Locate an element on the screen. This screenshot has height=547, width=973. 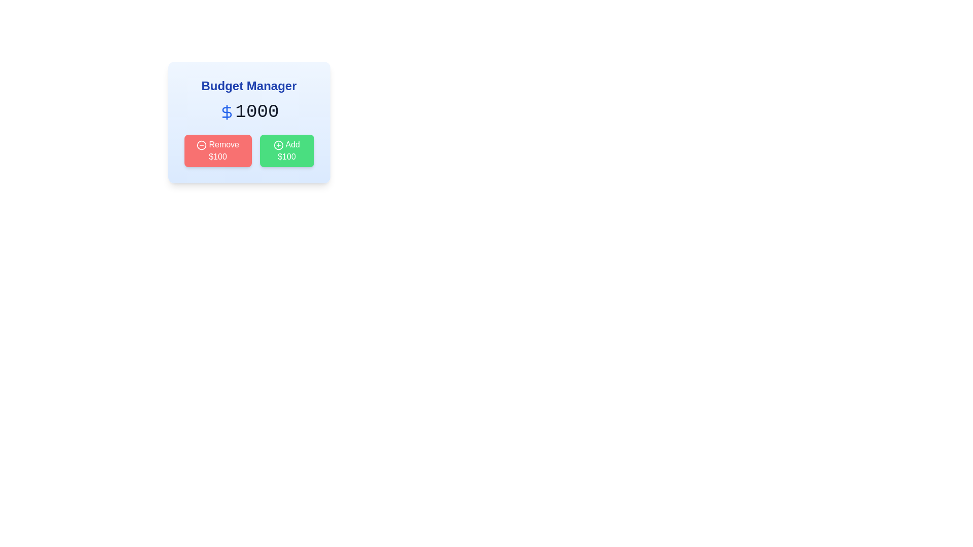
keyboard navigation is located at coordinates (286, 150).